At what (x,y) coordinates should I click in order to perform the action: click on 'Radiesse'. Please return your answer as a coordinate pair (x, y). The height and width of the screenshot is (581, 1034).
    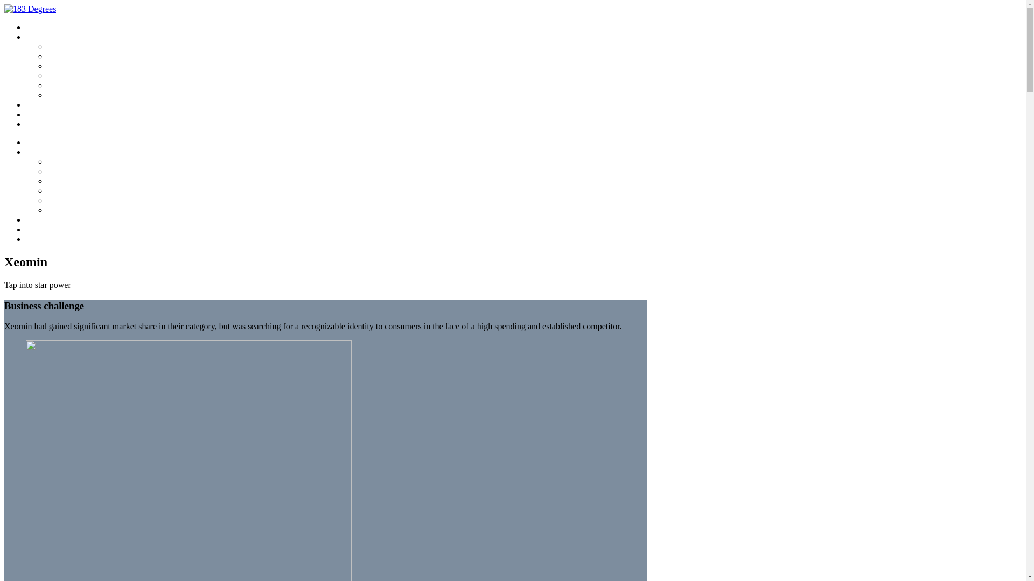
    Looking at the image, I should click on (61, 84).